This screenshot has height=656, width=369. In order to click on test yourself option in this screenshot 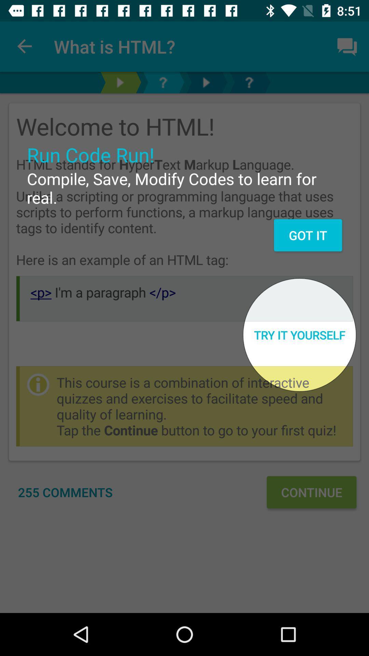, I will do `click(120, 82)`.